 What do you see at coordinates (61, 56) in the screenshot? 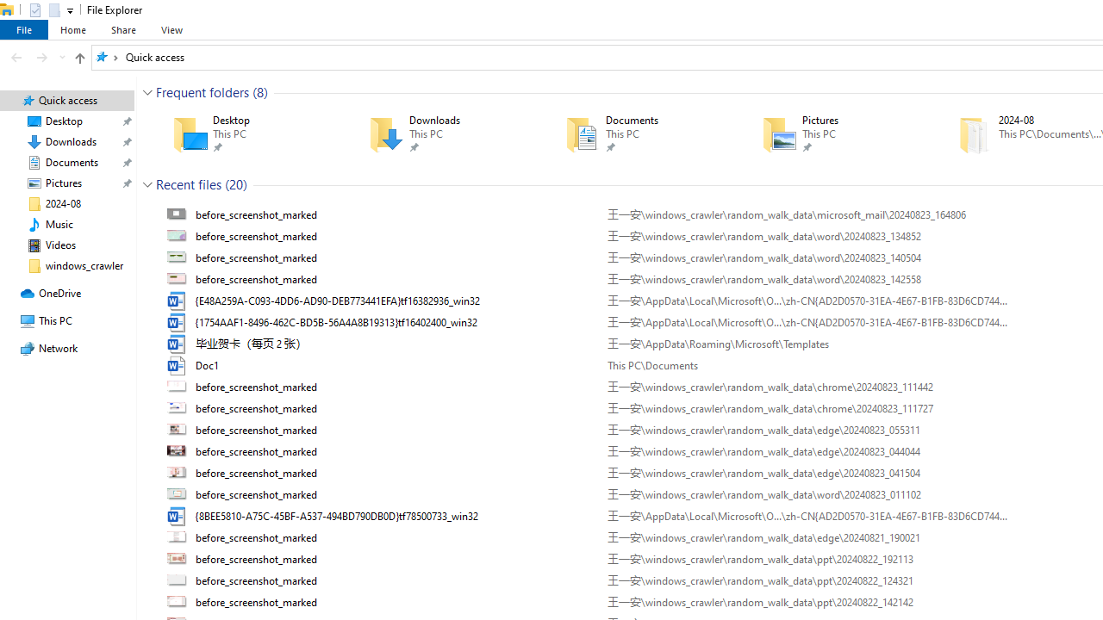
I see `'Recent locations'` at bounding box center [61, 56].